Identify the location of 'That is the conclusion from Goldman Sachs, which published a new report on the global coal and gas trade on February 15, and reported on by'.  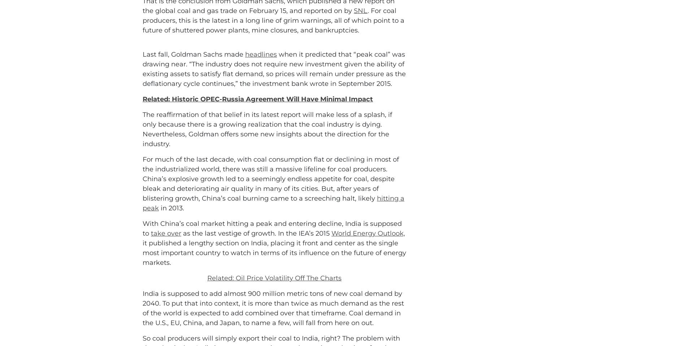
(268, 38).